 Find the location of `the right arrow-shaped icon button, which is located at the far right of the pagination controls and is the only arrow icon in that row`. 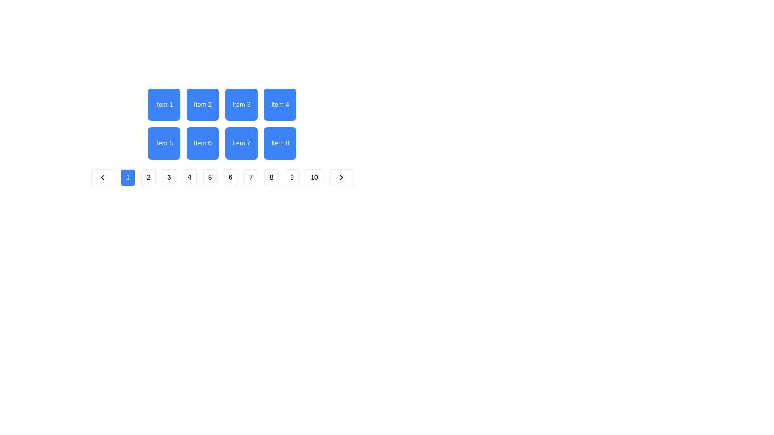

the right arrow-shaped icon button, which is located at the far right of the pagination controls and is the only arrow icon in that row is located at coordinates (341, 177).